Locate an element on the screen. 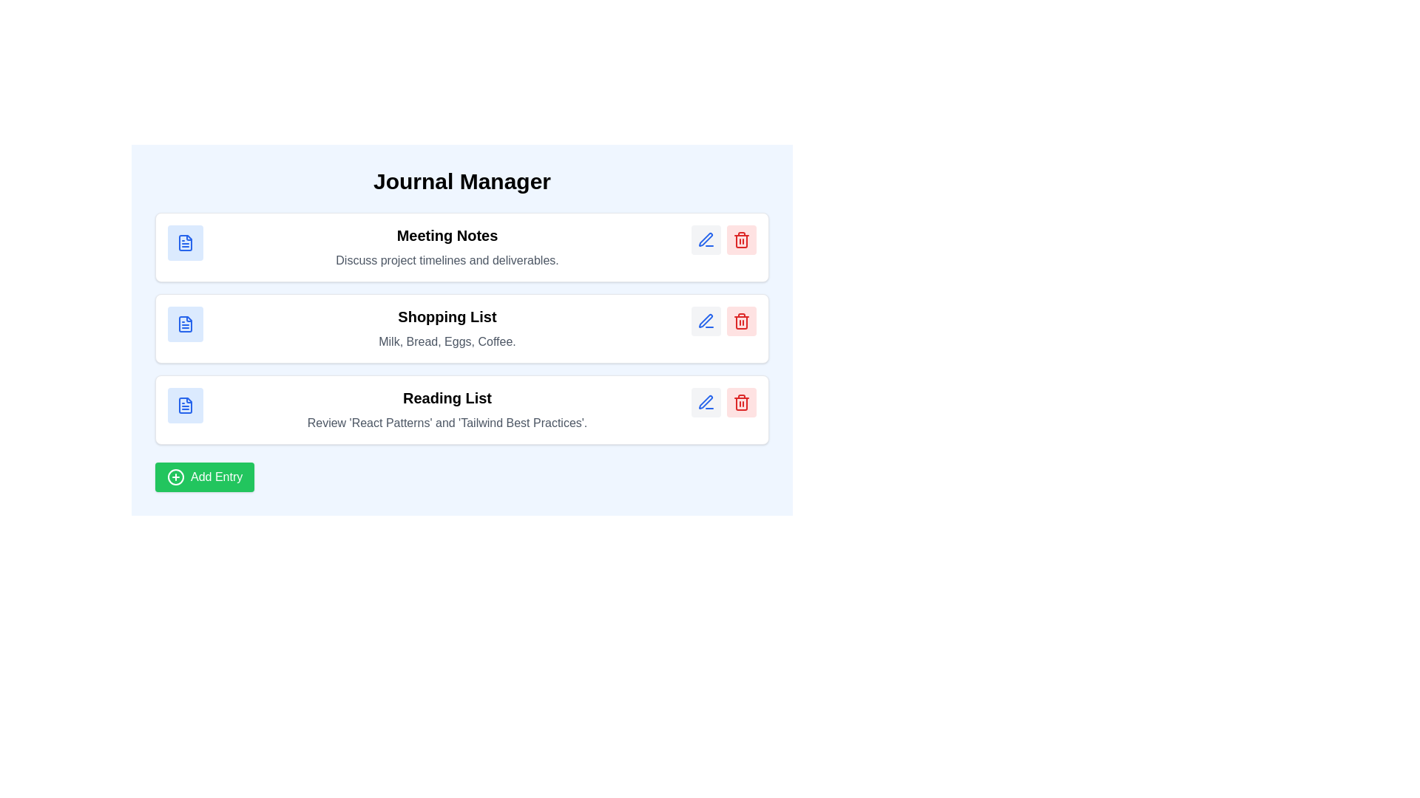 This screenshot has width=1420, height=798. the red-colored trash bin icon in the top-right corner of the 'Shopping List' box is located at coordinates (742, 239).